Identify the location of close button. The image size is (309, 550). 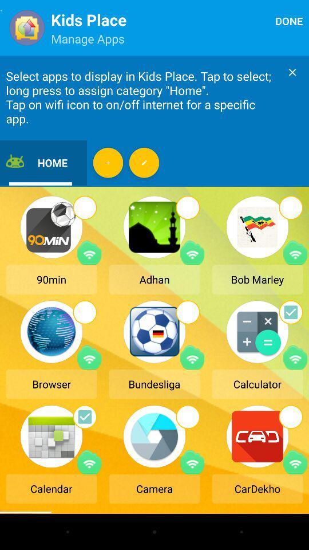
(292, 72).